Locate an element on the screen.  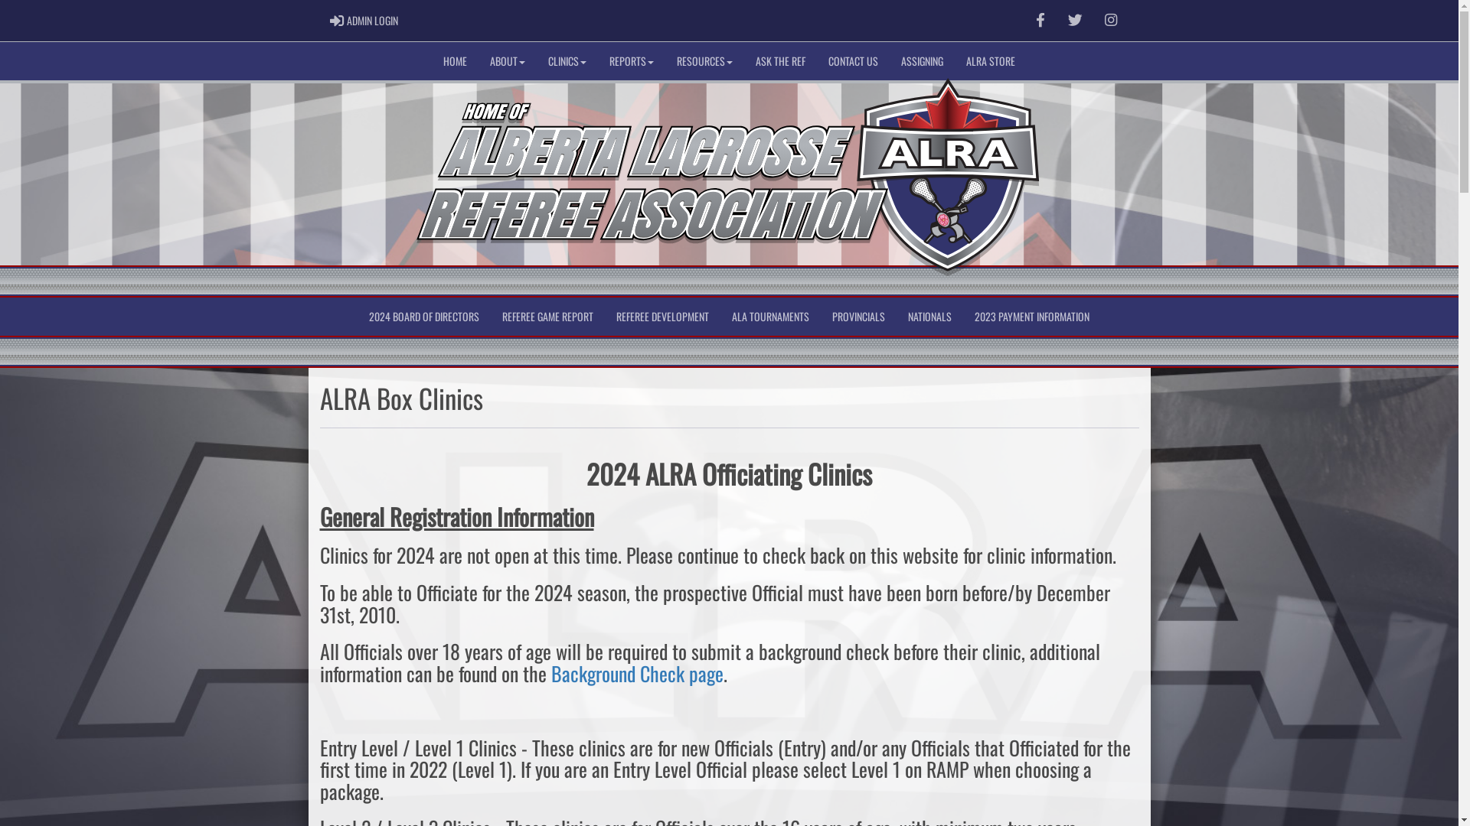
'REFEREE GAME REPORT' is located at coordinates (547, 315).